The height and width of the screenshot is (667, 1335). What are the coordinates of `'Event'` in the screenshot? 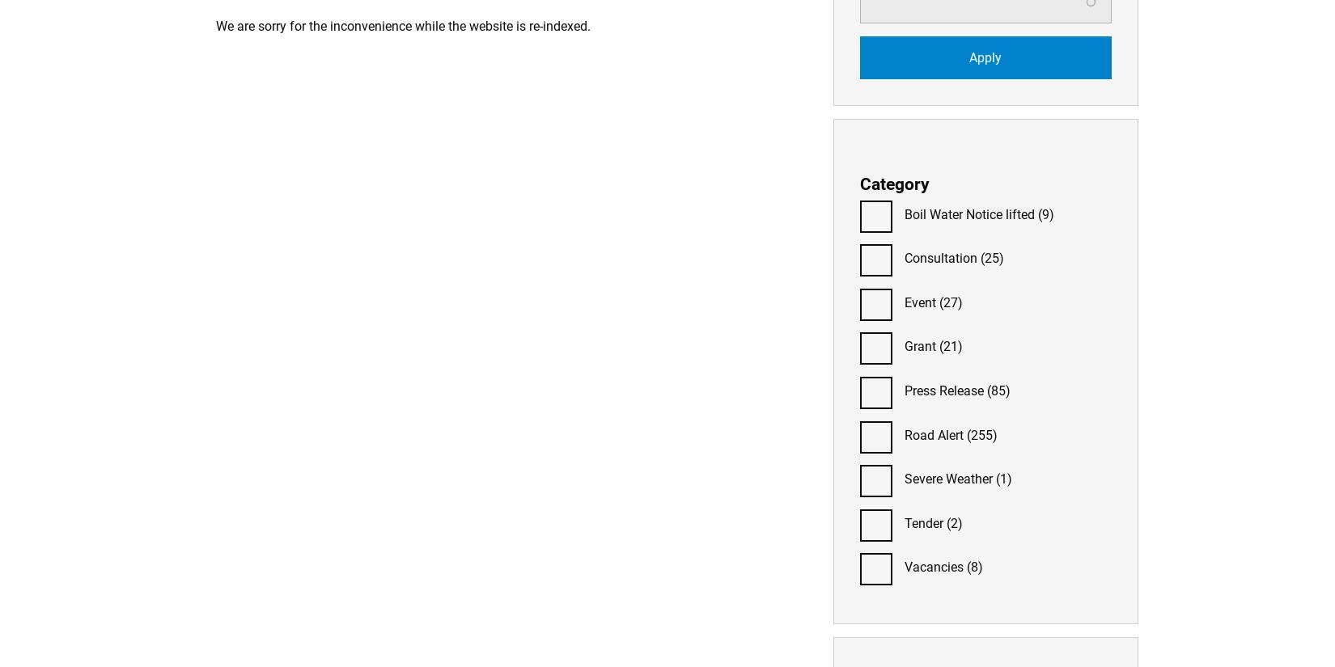 It's located at (919, 302).